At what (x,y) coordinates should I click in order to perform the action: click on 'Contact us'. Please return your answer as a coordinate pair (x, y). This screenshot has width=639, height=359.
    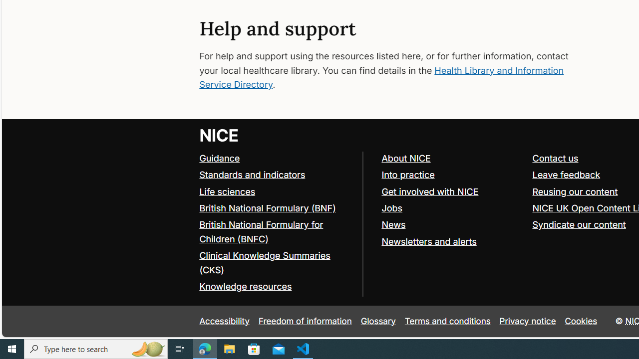
    Looking at the image, I should click on (555, 158).